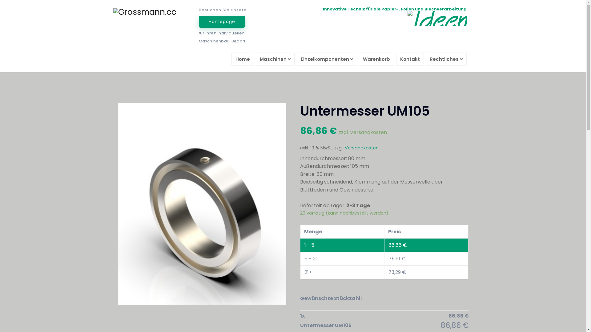  What do you see at coordinates (396, 59) in the screenshot?
I see `'Kontakt'` at bounding box center [396, 59].